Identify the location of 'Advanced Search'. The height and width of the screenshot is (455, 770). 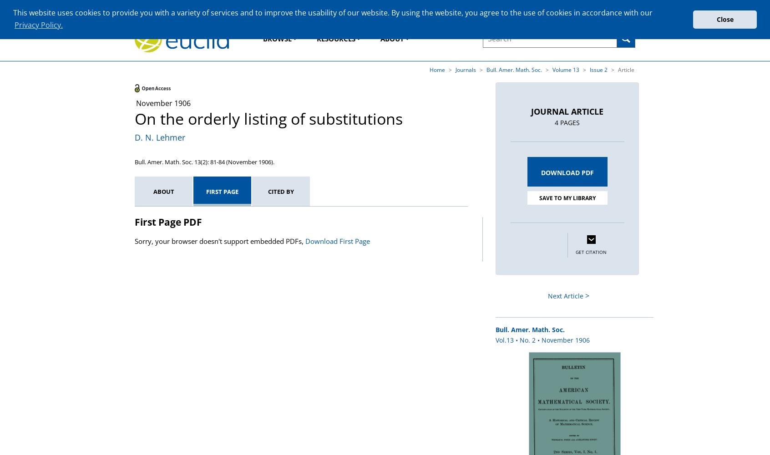
(608, 25).